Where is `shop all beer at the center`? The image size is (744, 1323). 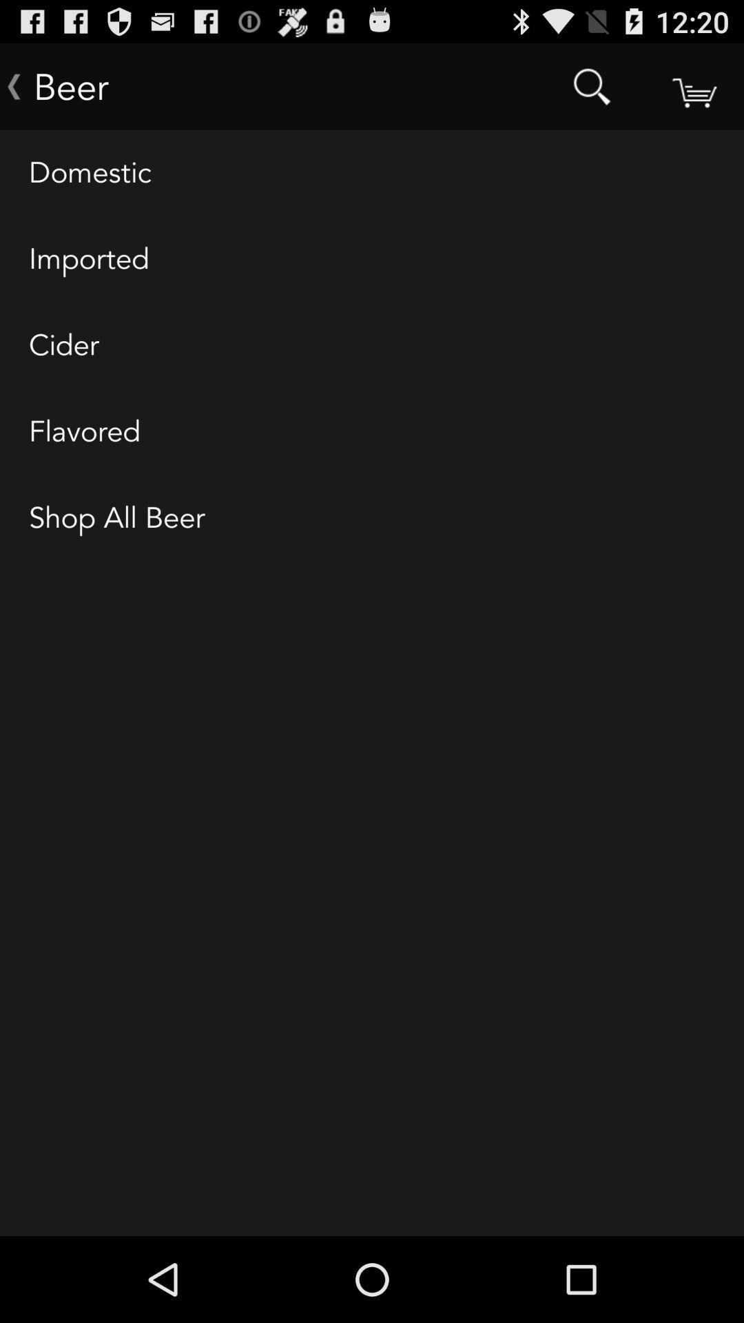 shop all beer at the center is located at coordinates (372, 518).